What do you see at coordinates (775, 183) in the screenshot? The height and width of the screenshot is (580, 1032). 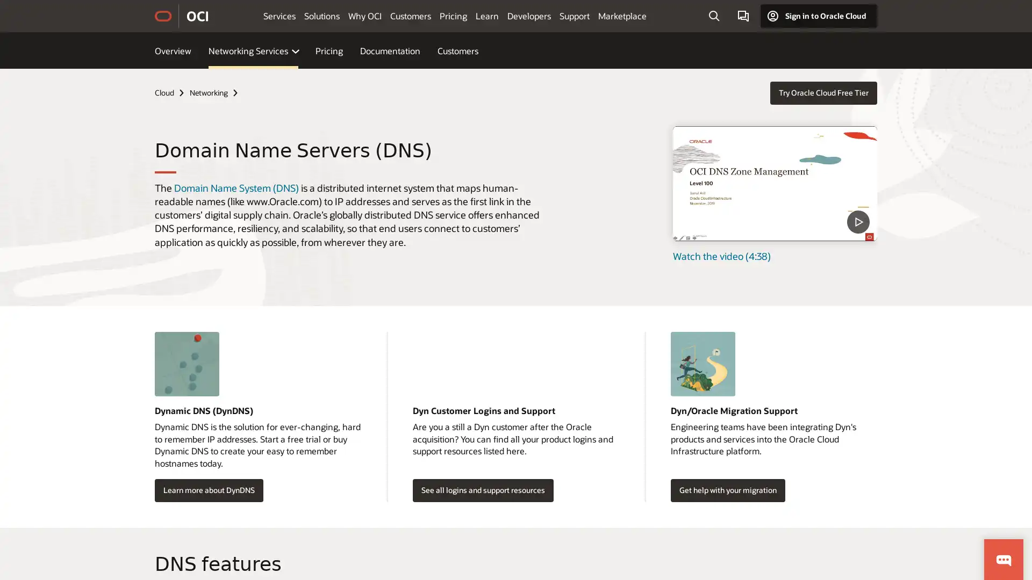 I see `DNS Zone Management - Level 100 - Part 1 - What is DNS video` at bounding box center [775, 183].